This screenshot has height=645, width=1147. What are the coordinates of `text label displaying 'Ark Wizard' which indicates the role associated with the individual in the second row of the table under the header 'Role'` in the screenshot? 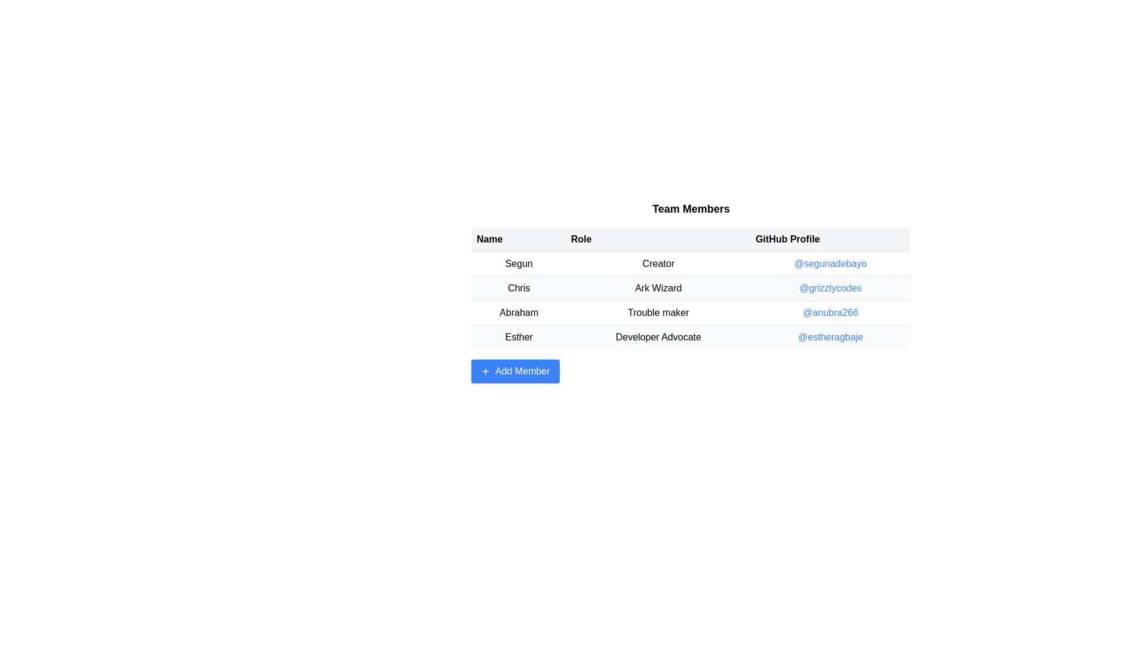 It's located at (658, 288).